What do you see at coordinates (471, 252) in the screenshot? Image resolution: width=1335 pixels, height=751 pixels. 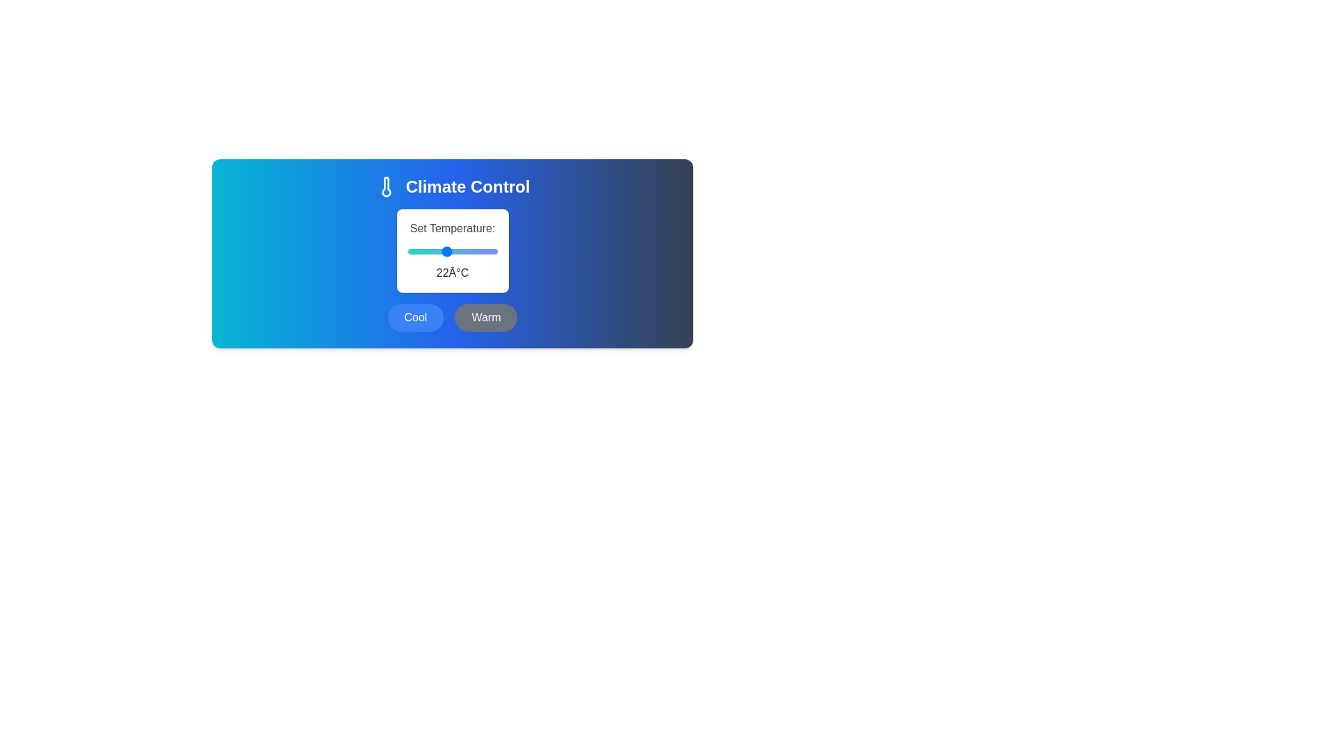 I see `the desired temperature` at bounding box center [471, 252].